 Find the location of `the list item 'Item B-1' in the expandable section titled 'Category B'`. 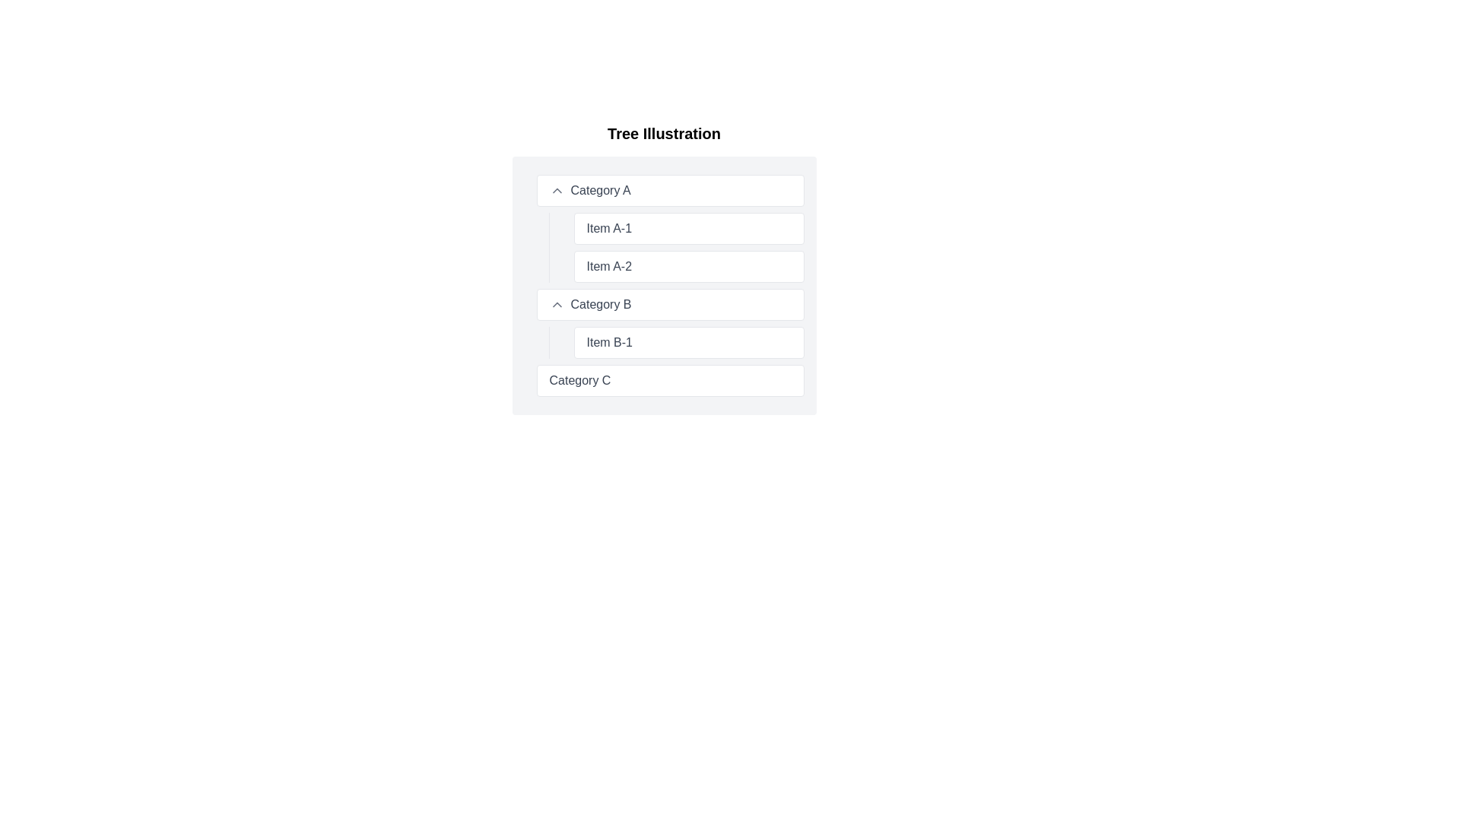

the list item 'Item B-1' in the expandable section titled 'Category B' is located at coordinates (669, 322).